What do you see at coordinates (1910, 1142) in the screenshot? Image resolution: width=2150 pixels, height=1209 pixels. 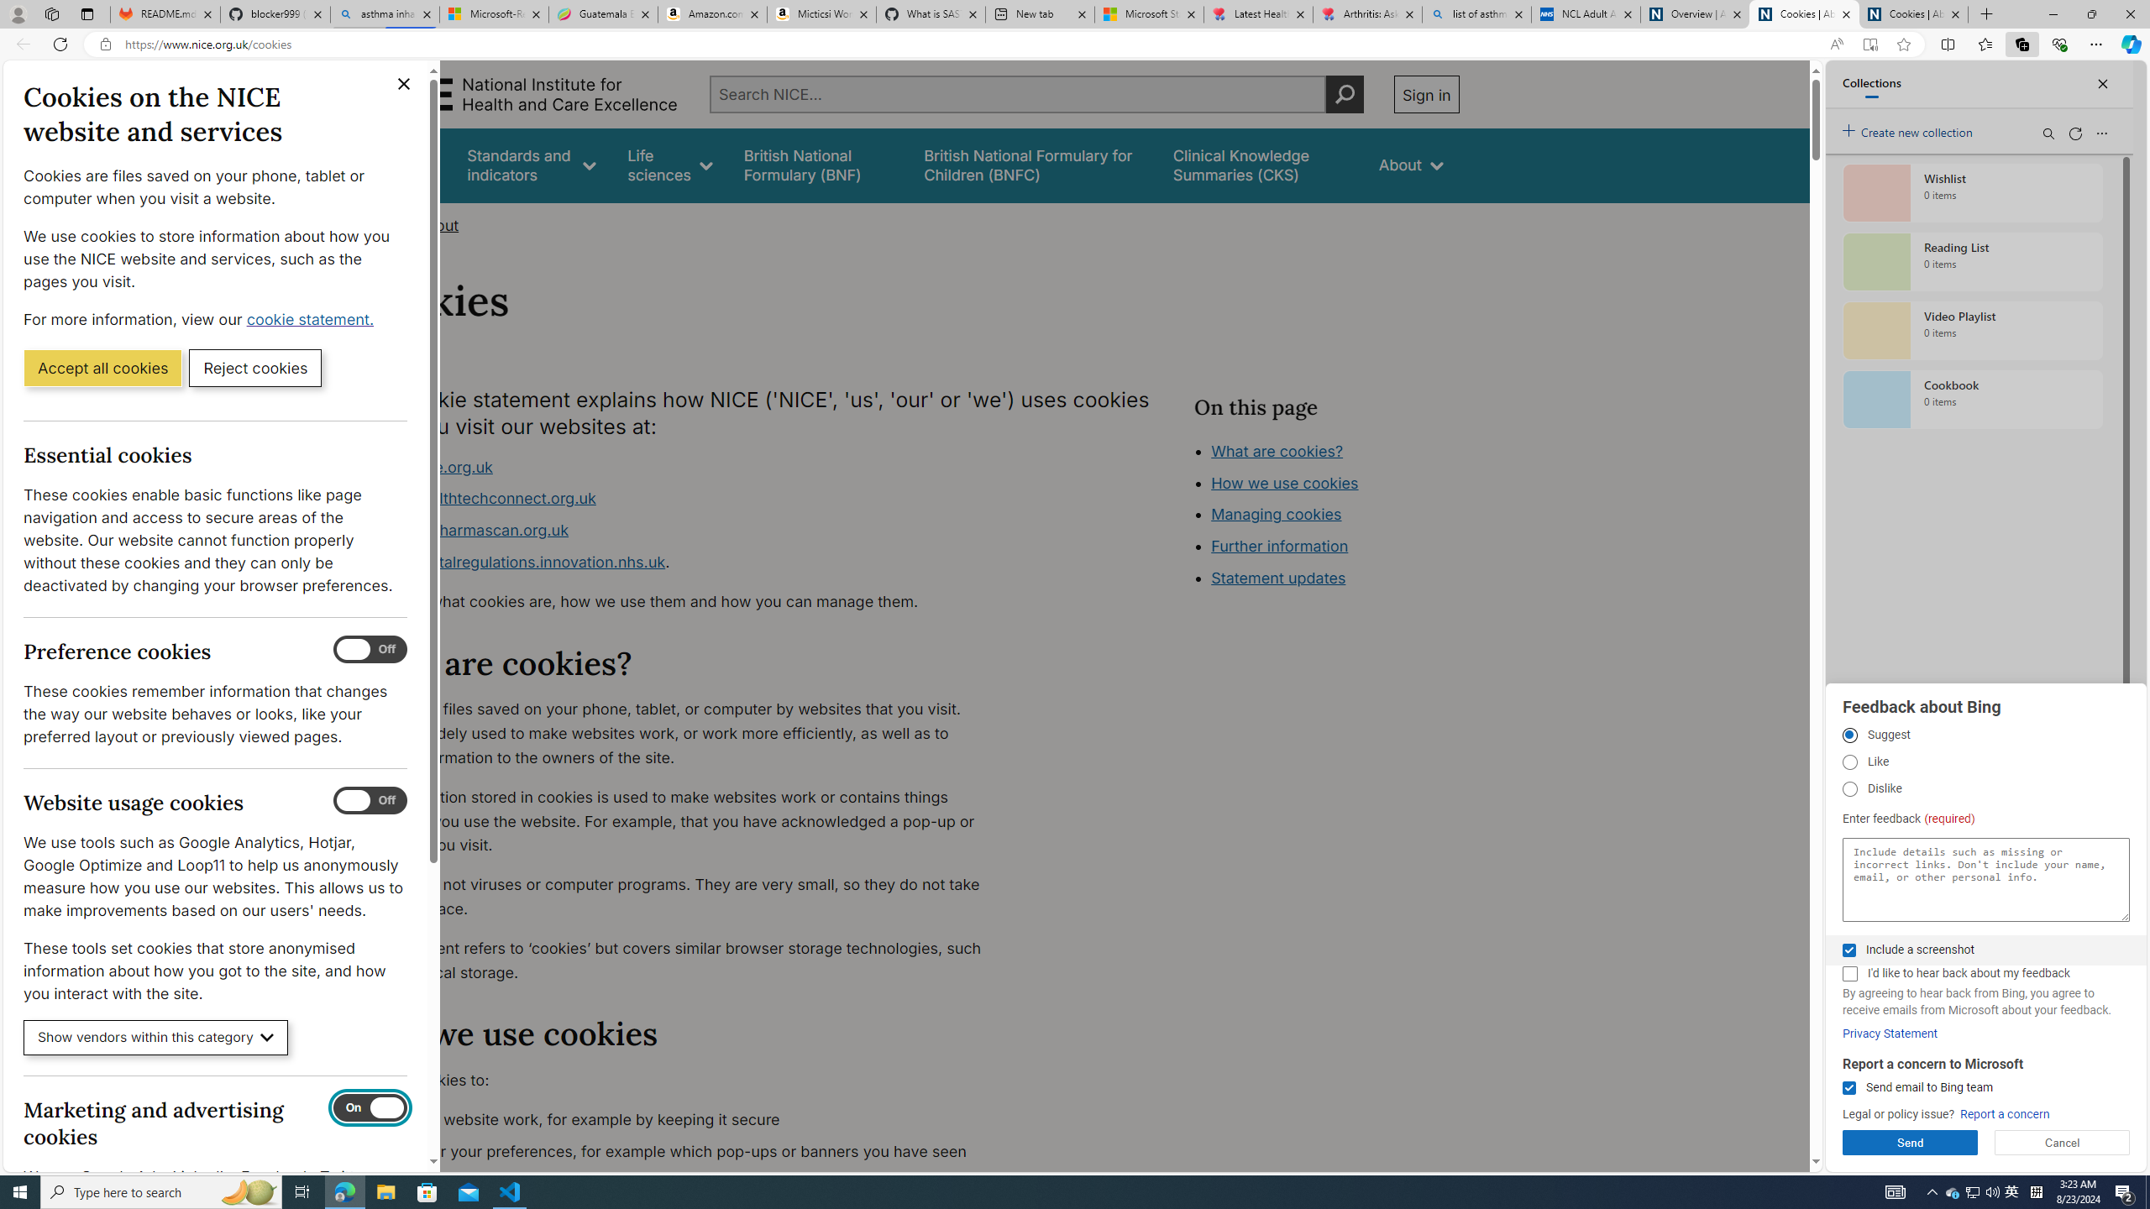 I see `'Send'` at bounding box center [1910, 1142].